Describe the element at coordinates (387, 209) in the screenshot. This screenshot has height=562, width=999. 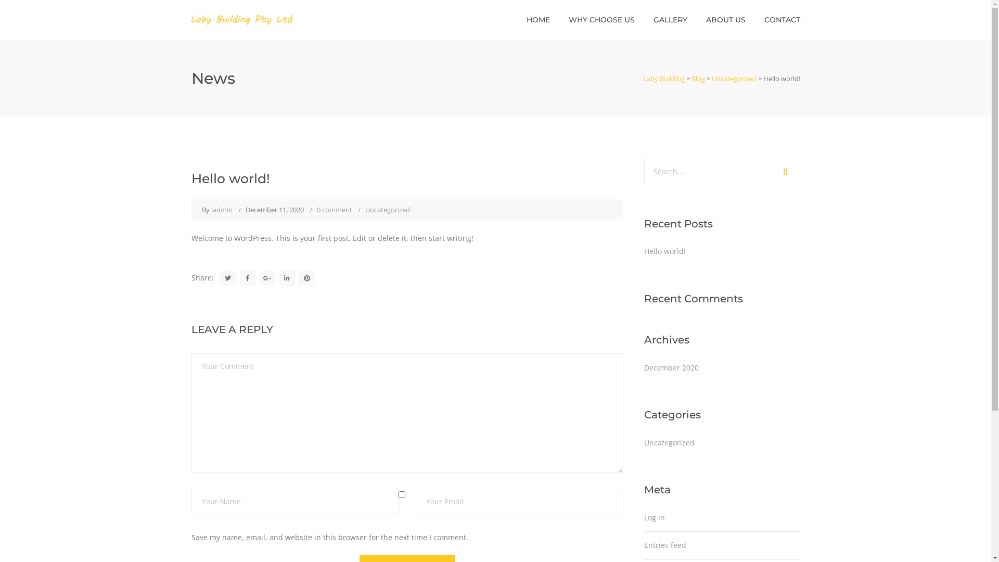
I see `'Uncategorized'` at that location.